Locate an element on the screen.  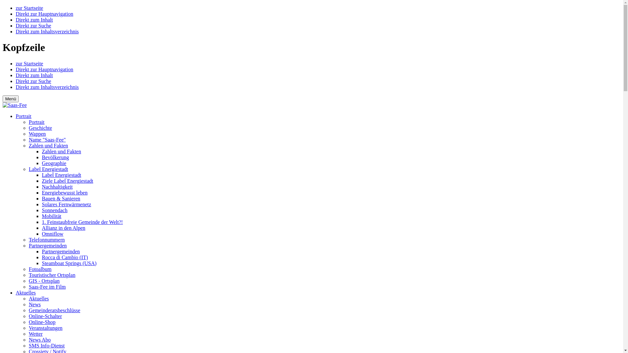
'Direkt zum Inhalt' is located at coordinates (16, 75).